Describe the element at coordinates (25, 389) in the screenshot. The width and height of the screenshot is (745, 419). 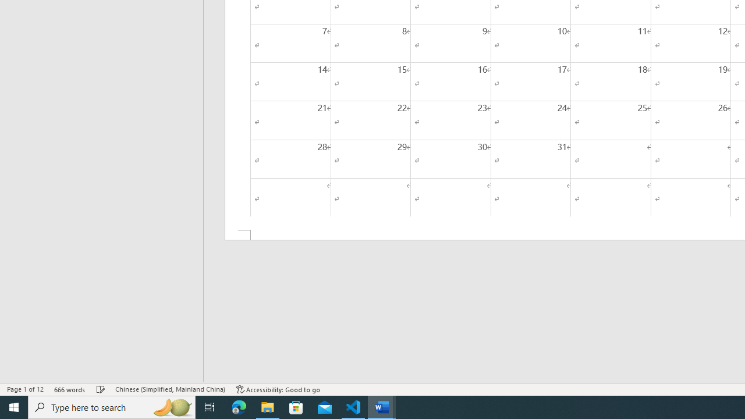
I see `'Page Number Page 1 of 12'` at that location.